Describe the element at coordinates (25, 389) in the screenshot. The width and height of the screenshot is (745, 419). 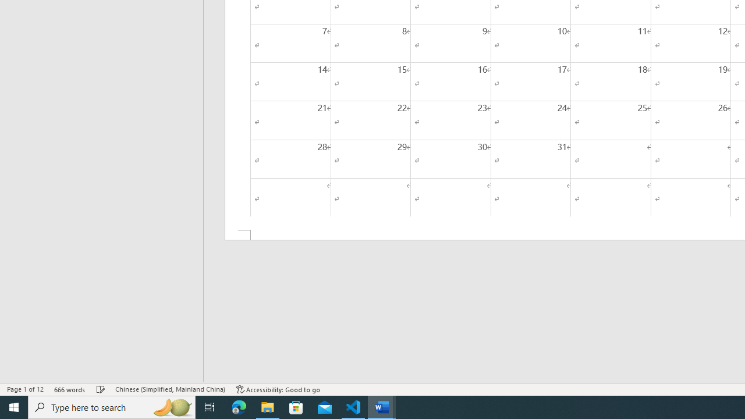
I see `'Page Number Page 1 of 12'` at that location.